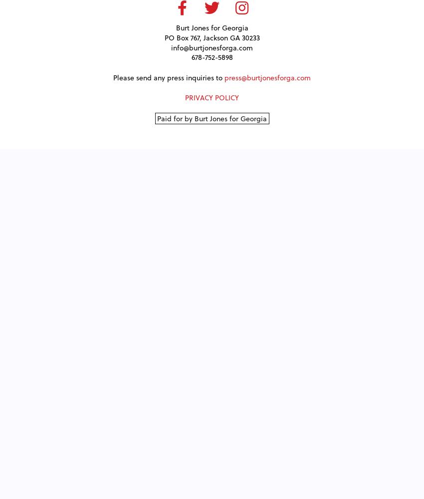 This screenshot has height=499, width=424. I want to click on 'Issues', so click(212, 25).